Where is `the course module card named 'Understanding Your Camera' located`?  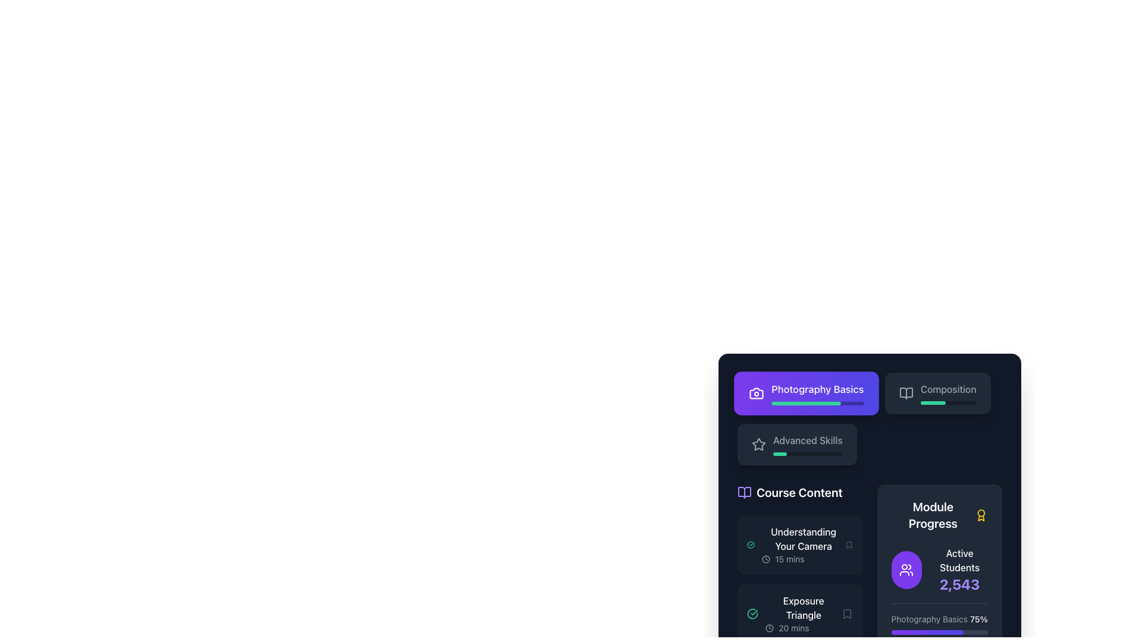 the course module card named 'Understanding Your Camera' located is located at coordinates (804, 545).